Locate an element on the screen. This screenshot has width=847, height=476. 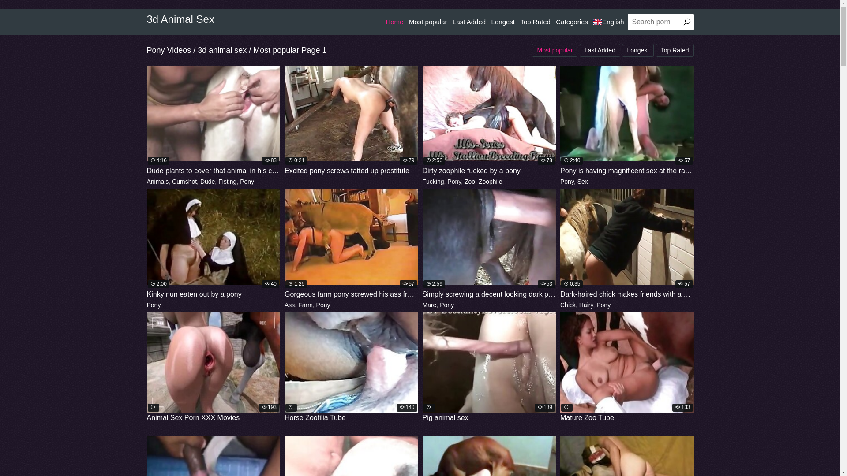
'Pony' is located at coordinates (153, 304).